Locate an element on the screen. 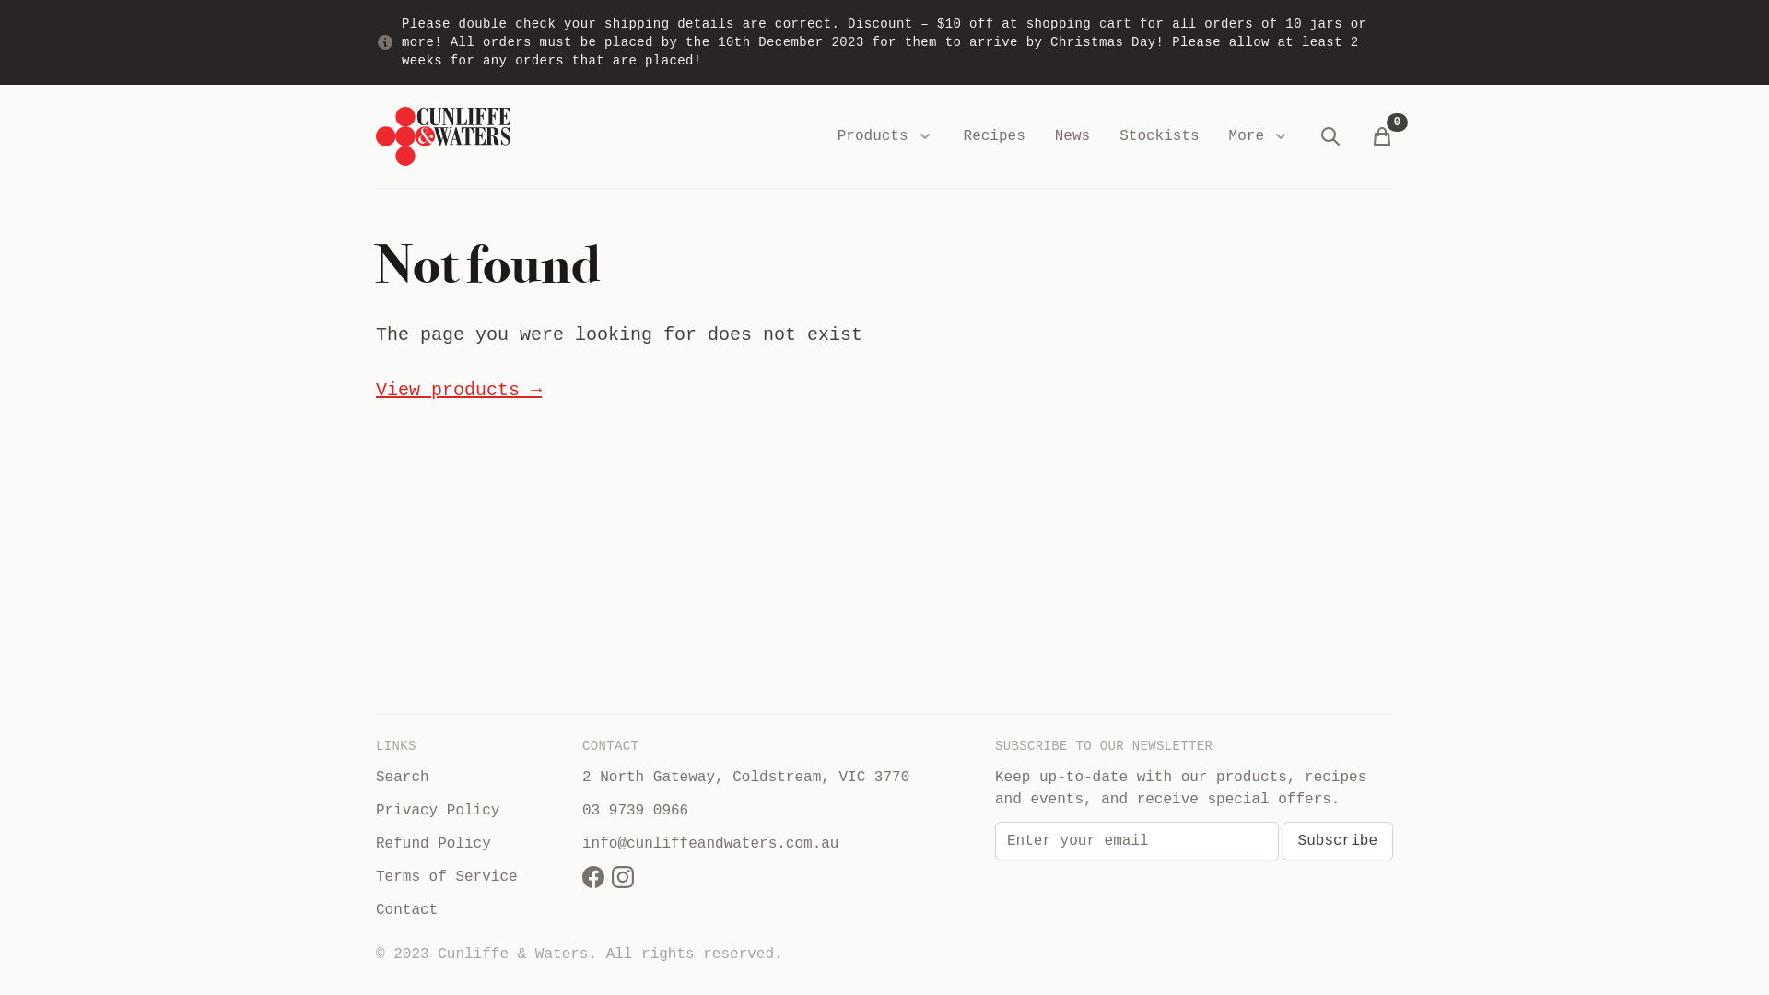 The width and height of the screenshot is (1769, 995). 'Facebook' is located at coordinates (592, 876).